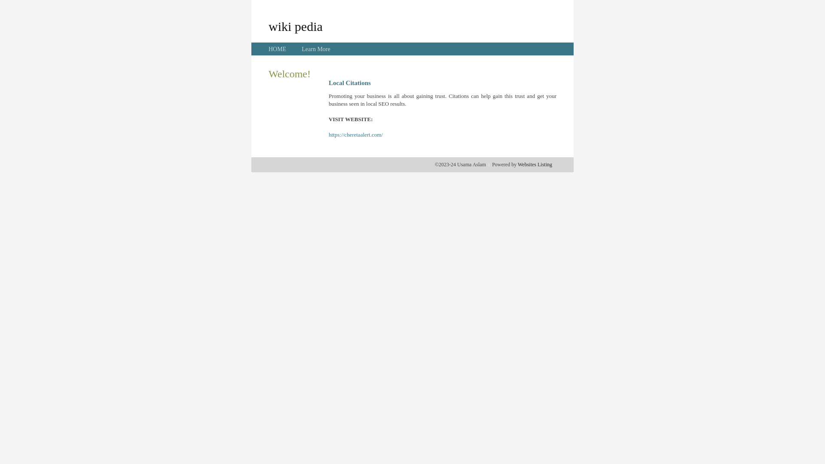  What do you see at coordinates (295, 26) in the screenshot?
I see `'wiki pedia'` at bounding box center [295, 26].